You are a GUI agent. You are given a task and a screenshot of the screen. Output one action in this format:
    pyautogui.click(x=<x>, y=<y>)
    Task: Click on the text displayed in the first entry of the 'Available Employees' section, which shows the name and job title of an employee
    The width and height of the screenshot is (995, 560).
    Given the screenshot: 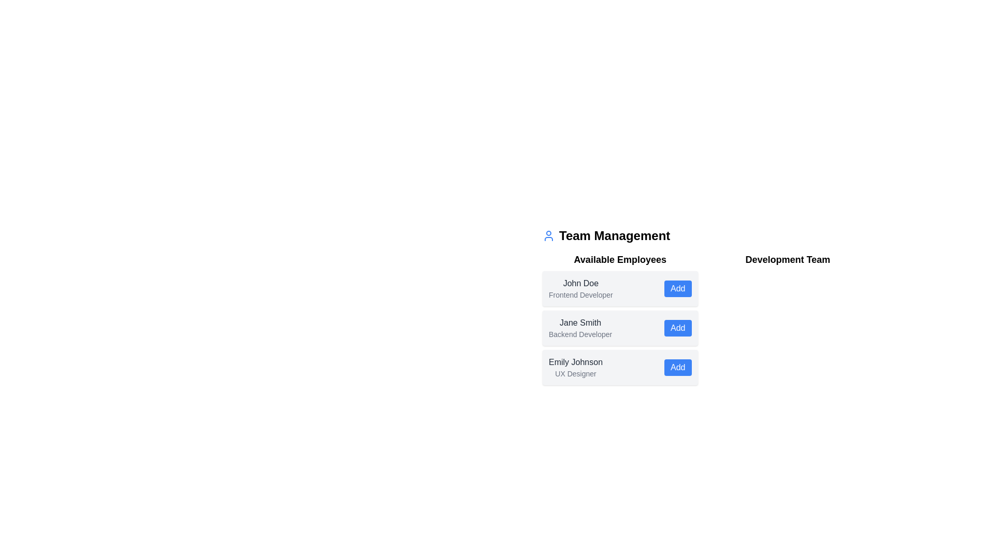 What is the action you would take?
    pyautogui.click(x=580, y=288)
    